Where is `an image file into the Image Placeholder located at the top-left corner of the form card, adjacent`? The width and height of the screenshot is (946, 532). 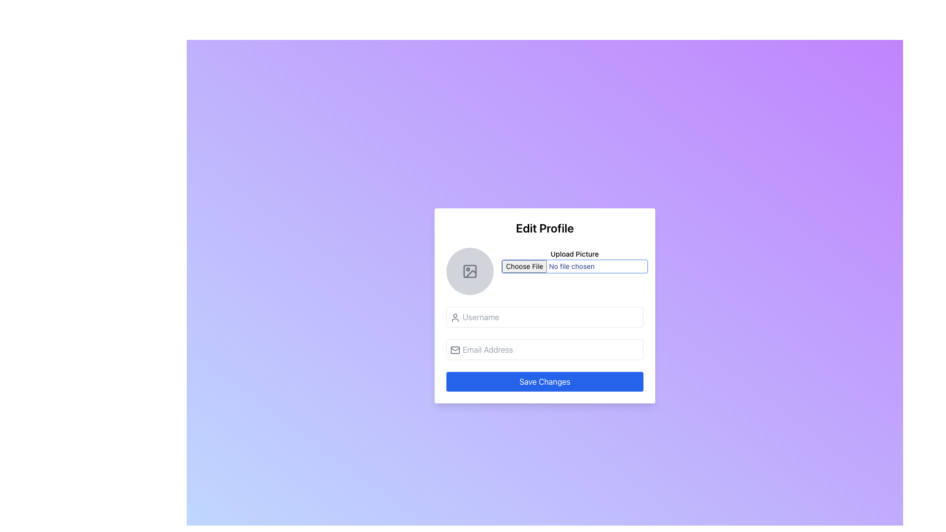
an image file into the Image Placeholder located at the top-left corner of the form card, adjacent is located at coordinates (470, 271).